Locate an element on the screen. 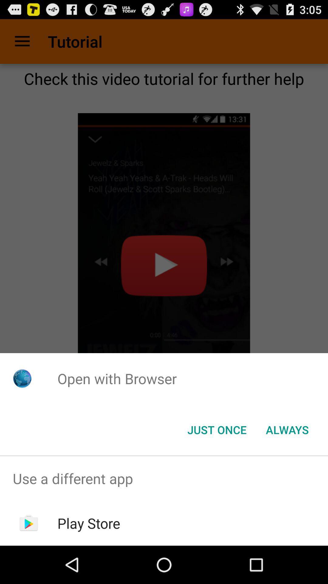 Image resolution: width=328 pixels, height=584 pixels. app below use a different is located at coordinates (89, 523).